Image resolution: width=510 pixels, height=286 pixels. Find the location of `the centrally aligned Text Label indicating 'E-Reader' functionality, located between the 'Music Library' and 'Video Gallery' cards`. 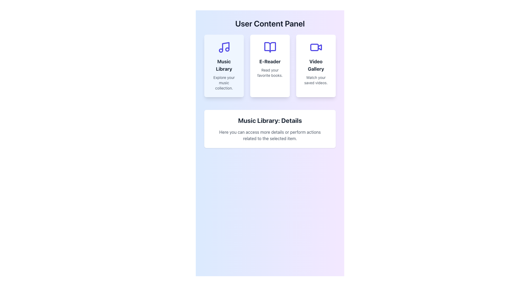

the centrally aligned Text Label indicating 'E-Reader' functionality, located between the 'Music Library' and 'Video Gallery' cards is located at coordinates (270, 61).